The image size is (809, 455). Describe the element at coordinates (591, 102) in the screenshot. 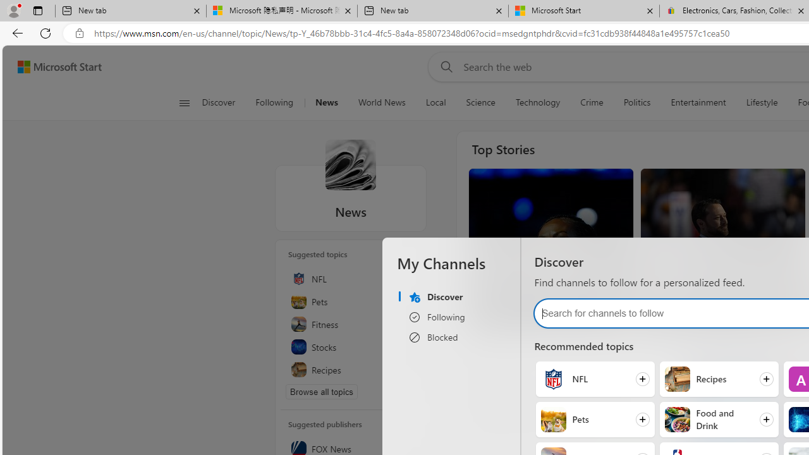

I see `'Crime'` at that location.